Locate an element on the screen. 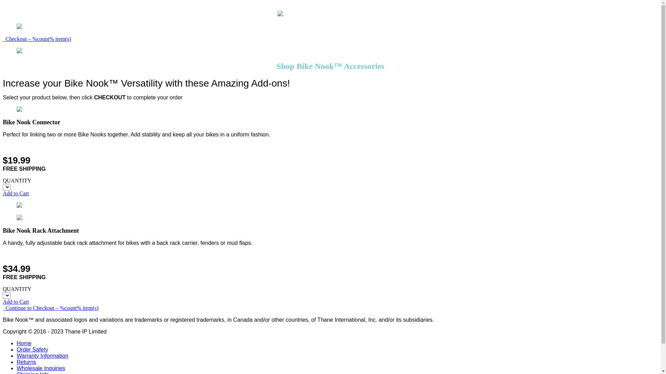  'Add to Cart' is located at coordinates (16, 301).